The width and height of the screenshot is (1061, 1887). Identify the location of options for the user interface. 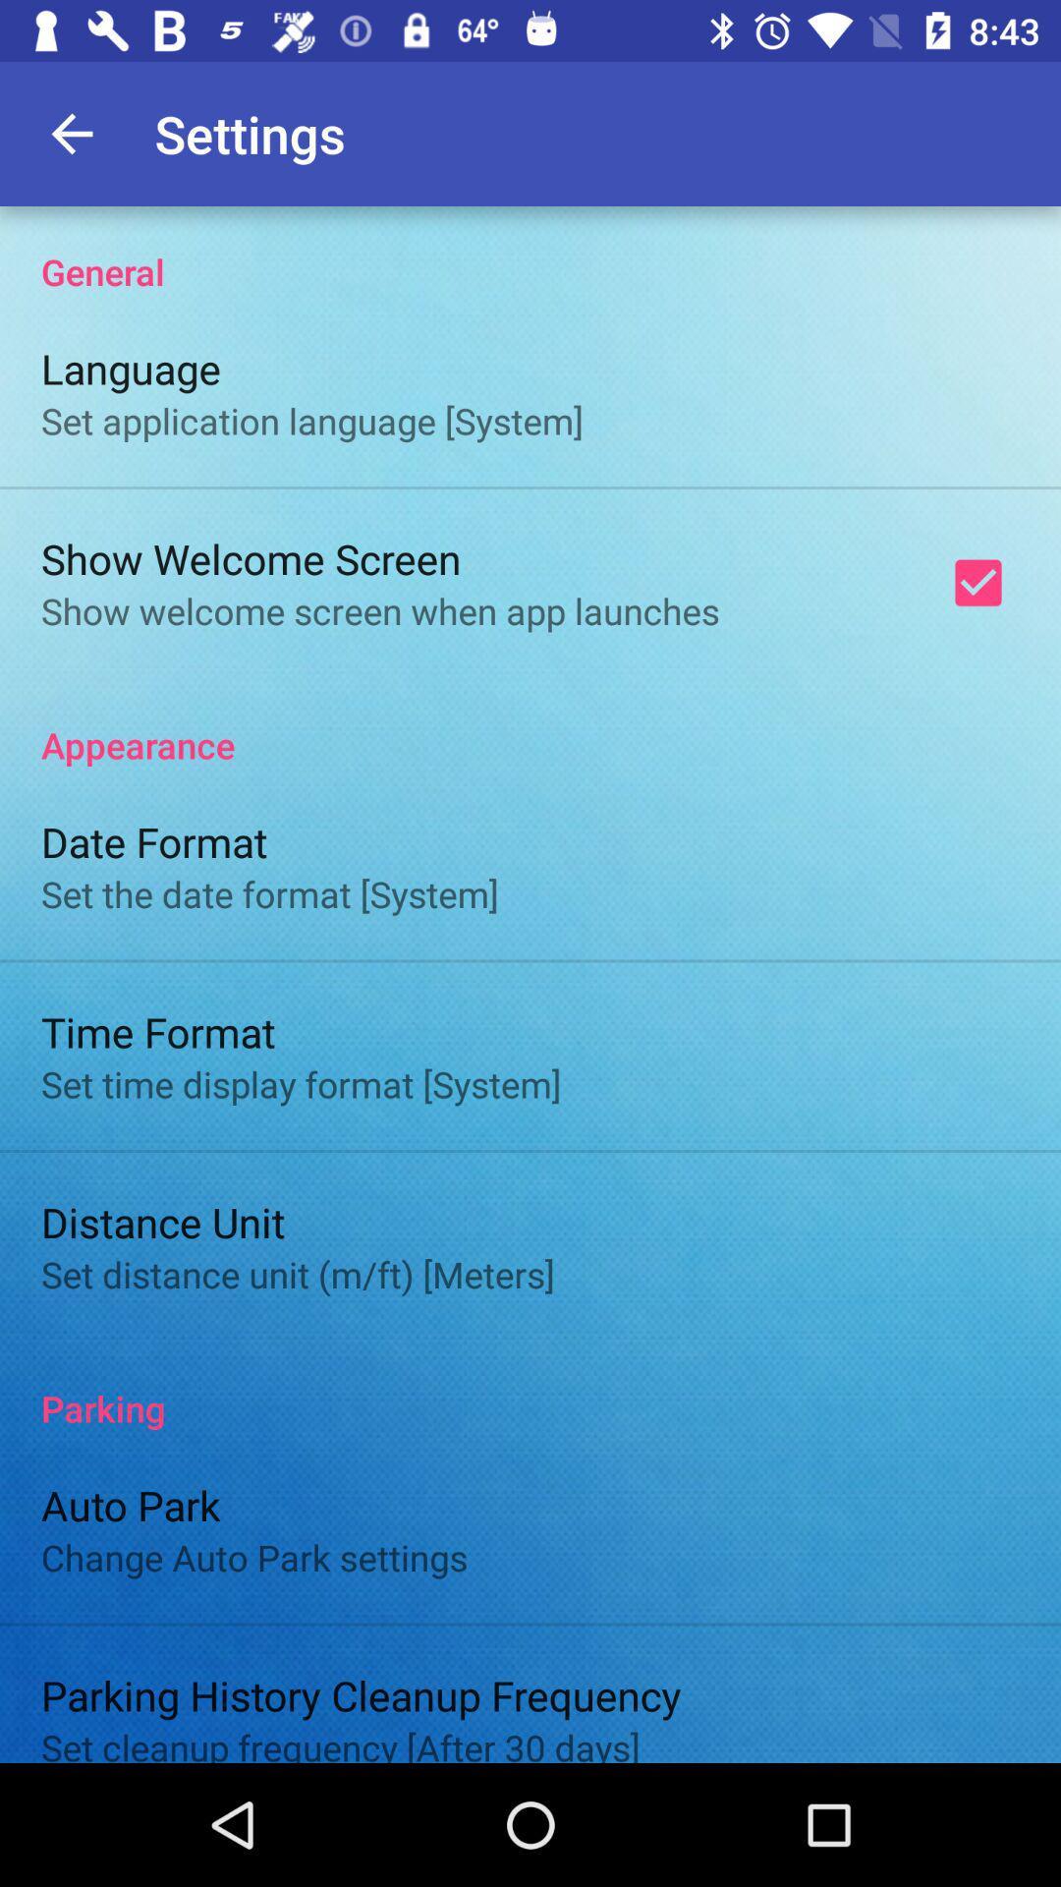
(530, 985).